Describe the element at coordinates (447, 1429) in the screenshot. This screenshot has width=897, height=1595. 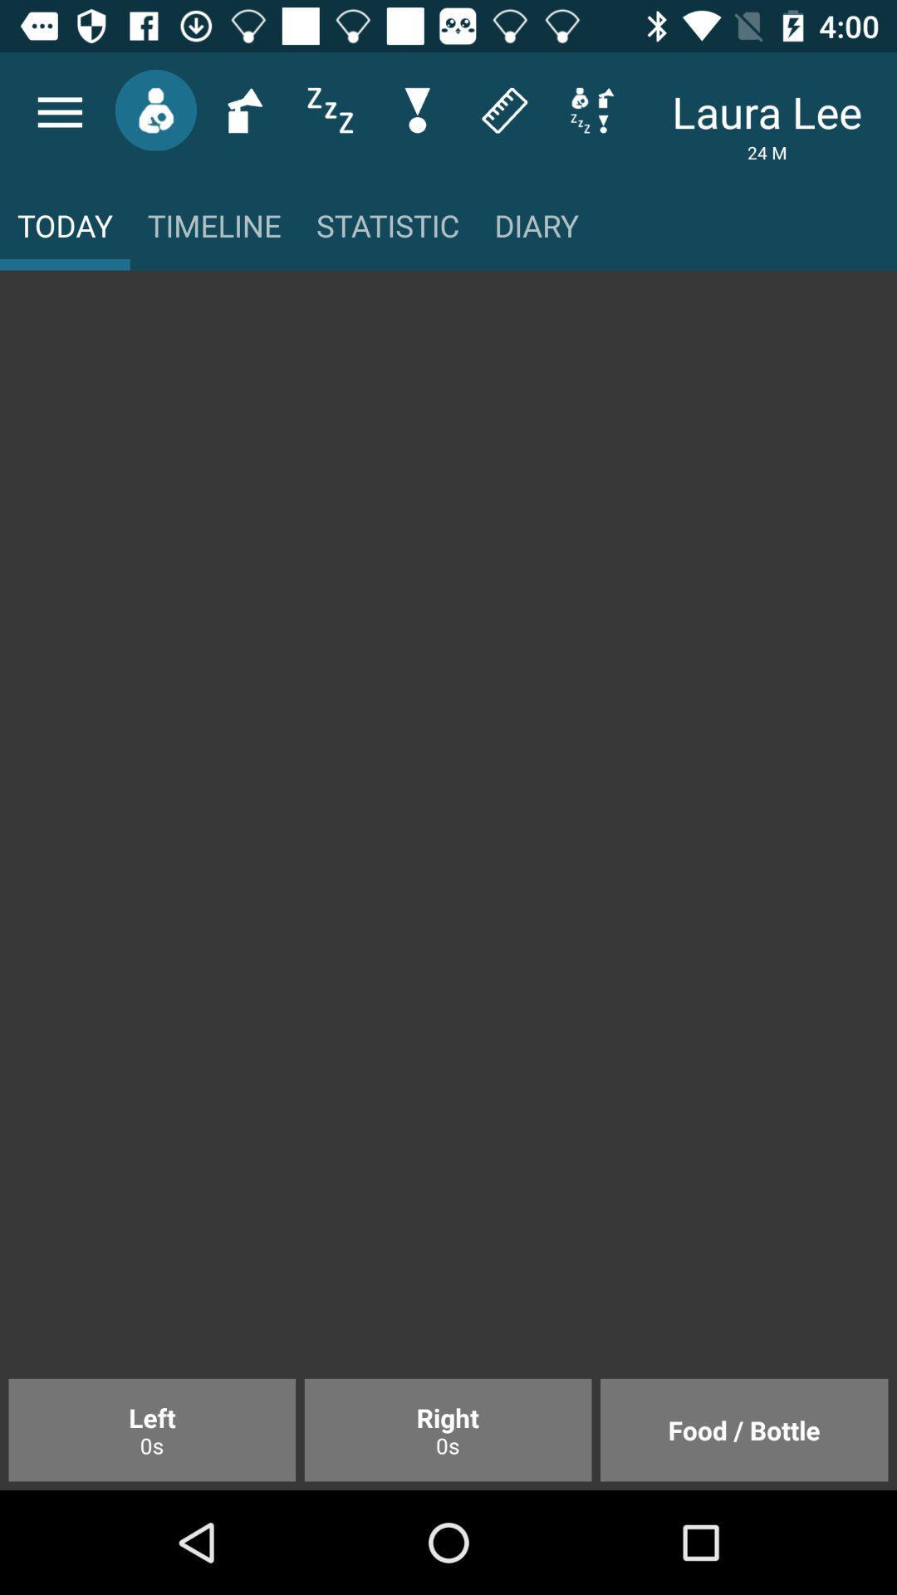
I see `right` at that location.